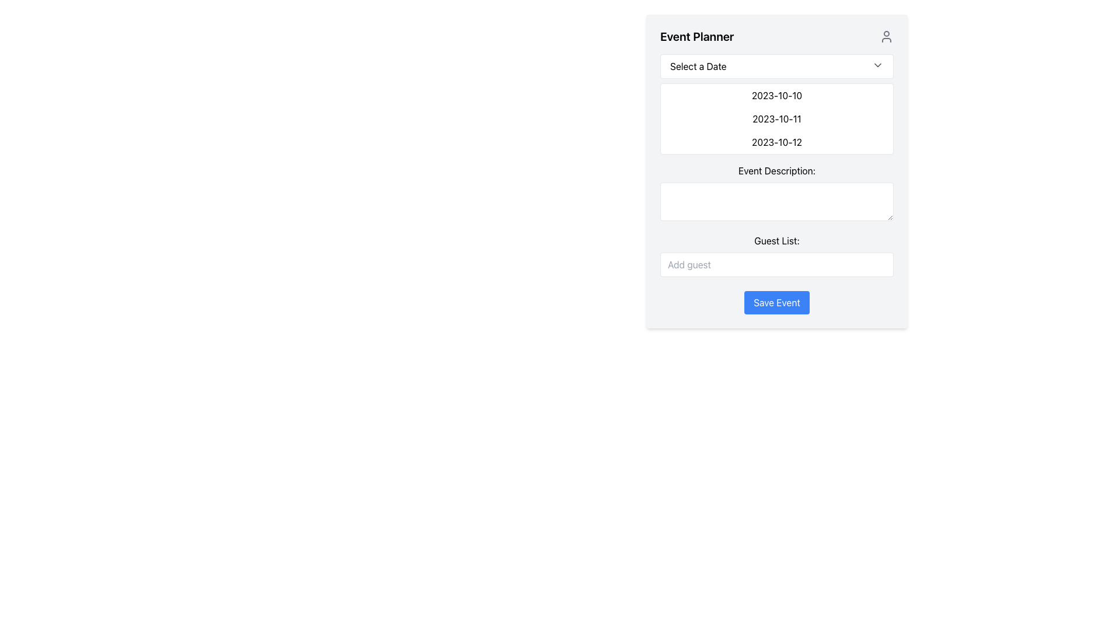 The width and height of the screenshot is (1120, 630). What do you see at coordinates (776, 240) in the screenshot?
I see `the non-interactive text label indicating the purpose of the following text input field, which is located above the 'Add guest' field` at bounding box center [776, 240].